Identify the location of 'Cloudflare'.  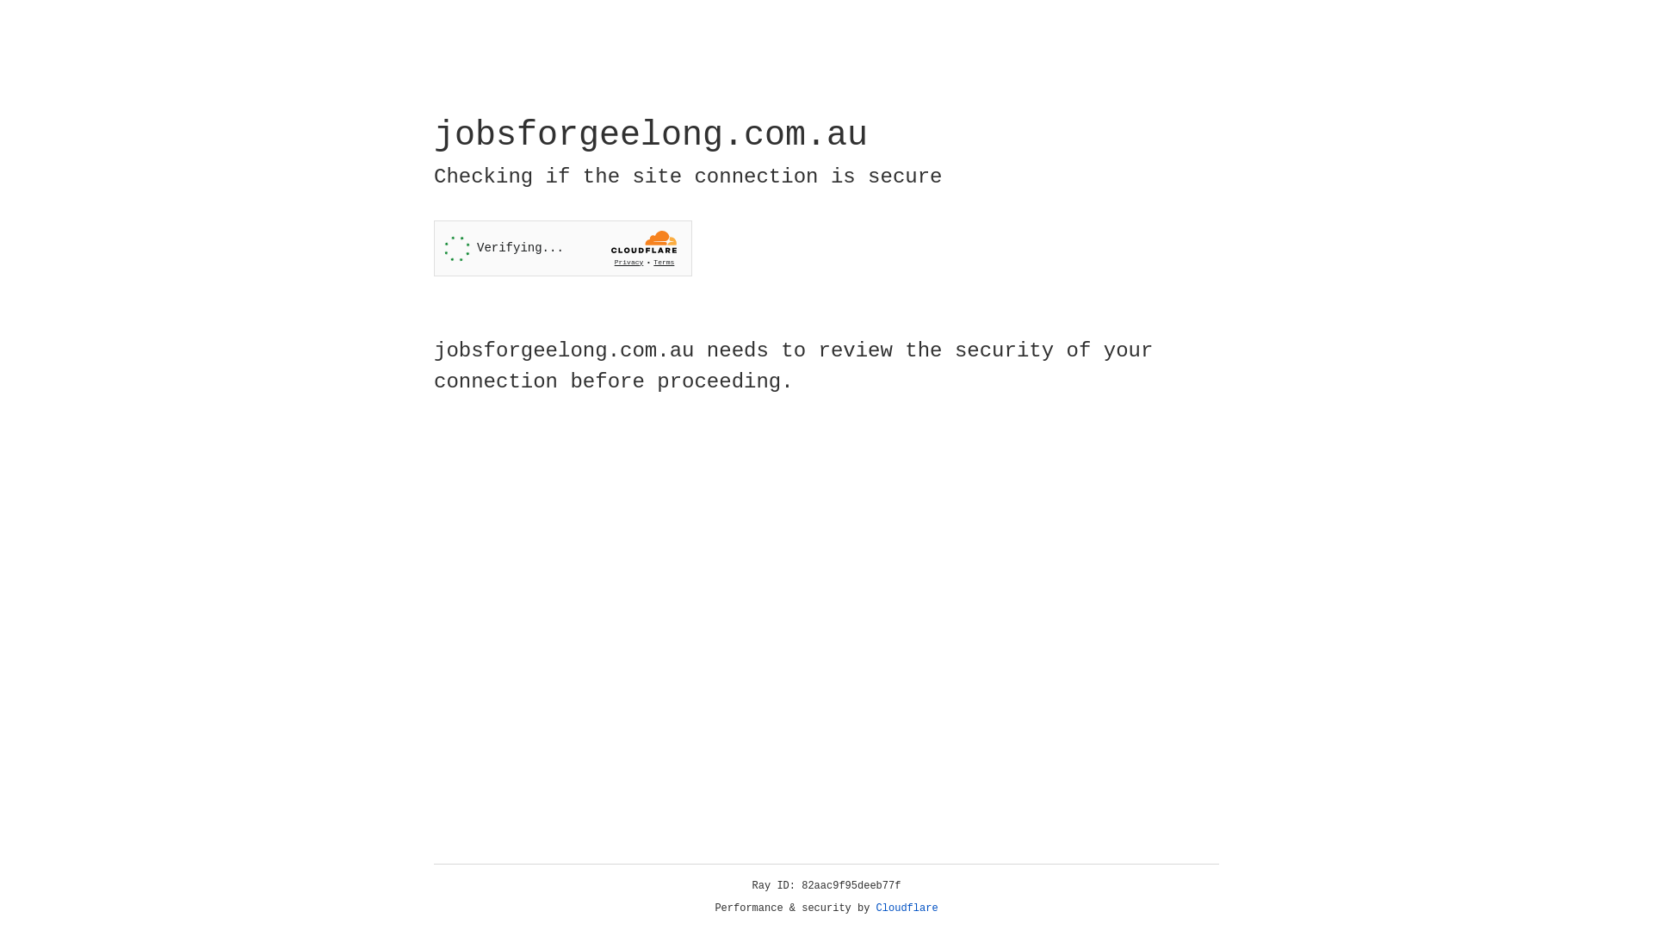
(907, 908).